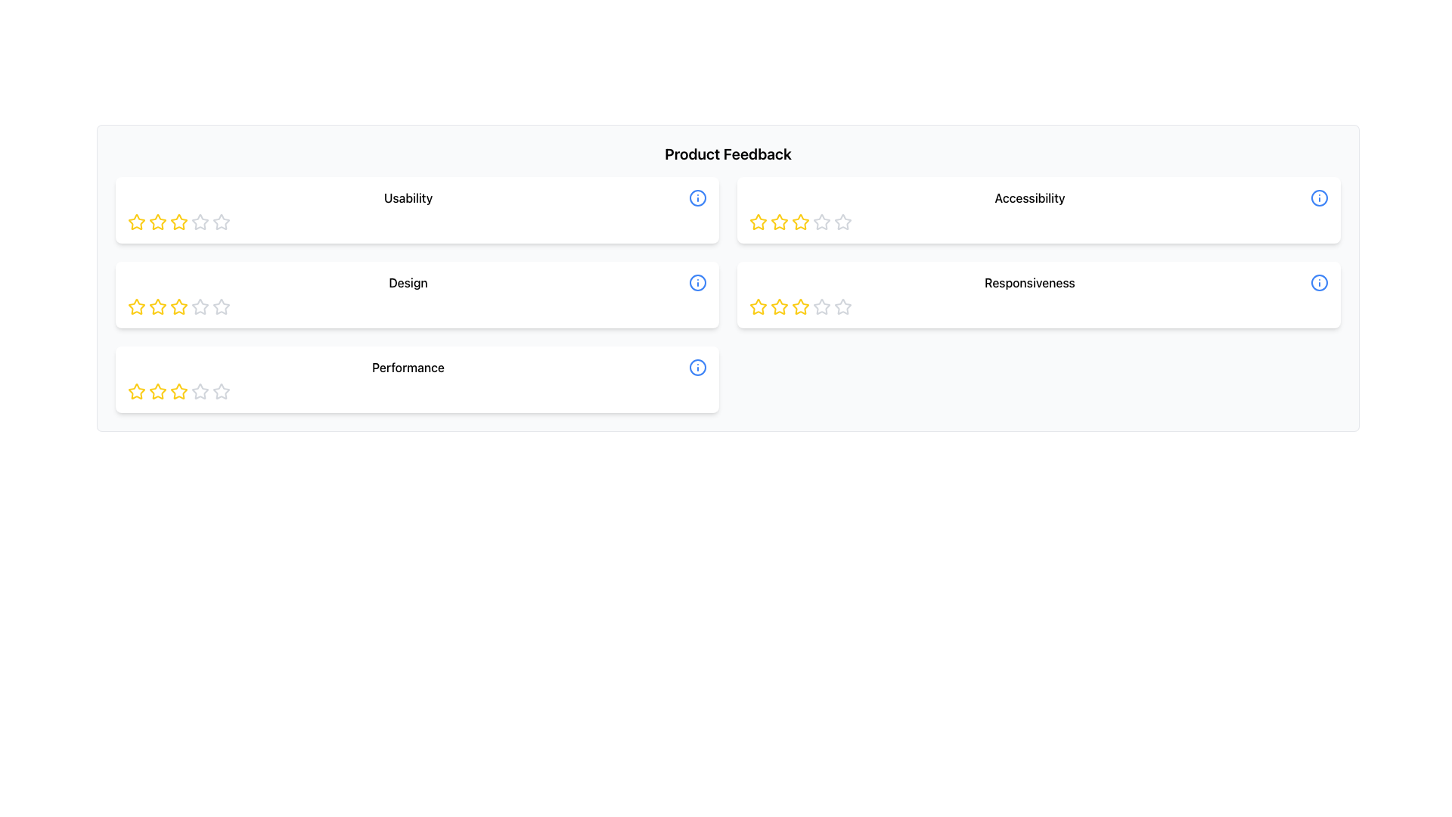 The height and width of the screenshot is (817, 1452). I want to click on the second star rating icon in the 'Usability' category of the 'Product Feedback' section, so click(158, 222).